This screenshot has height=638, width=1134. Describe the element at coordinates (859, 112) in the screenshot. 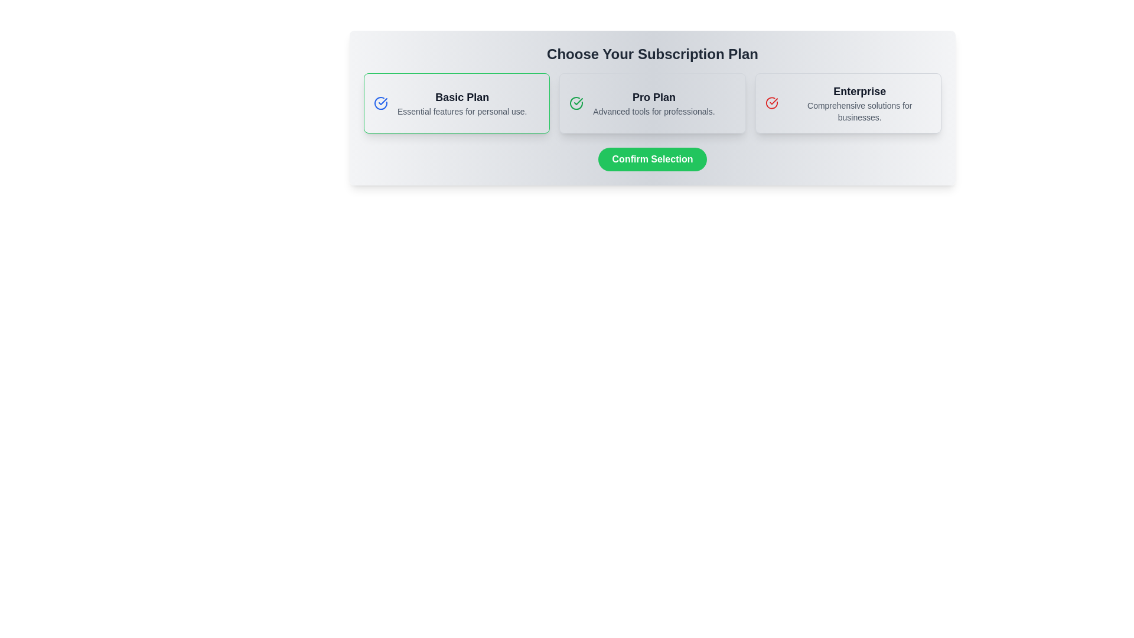

I see `tagline text providing additional information about the 'Enterprise' subscription plan located in the lower section of the rightmost card labeled 'Enterprise'` at that location.